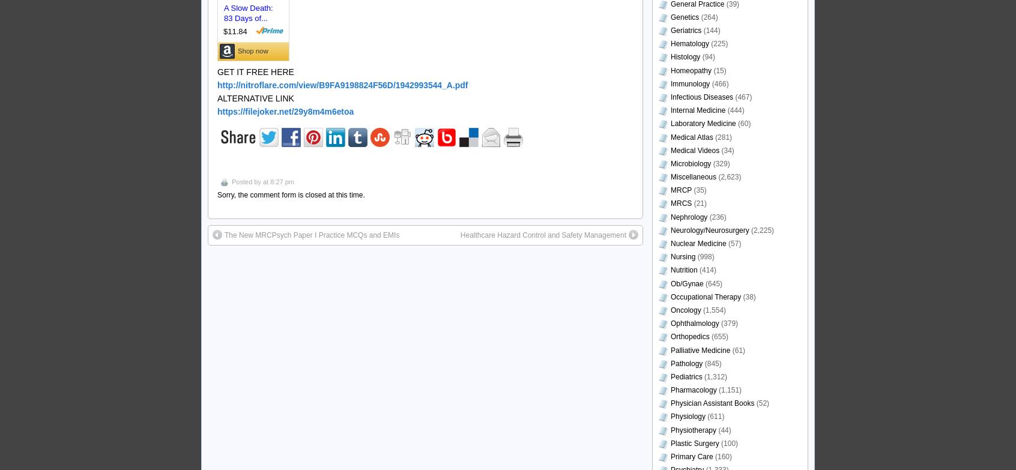 This screenshot has height=470, width=1016. What do you see at coordinates (700, 349) in the screenshot?
I see `'Palliative Medicine'` at bounding box center [700, 349].